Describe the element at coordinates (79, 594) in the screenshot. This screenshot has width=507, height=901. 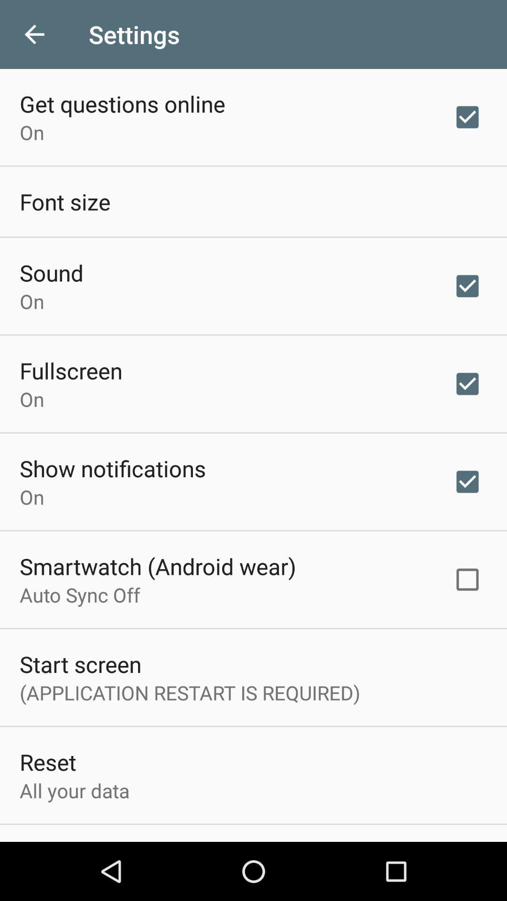
I see `auto sync off item` at that location.